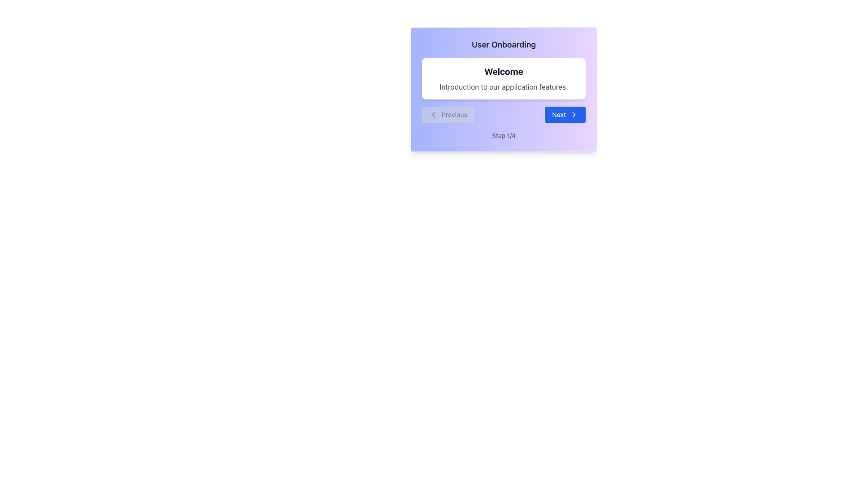 This screenshot has width=861, height=484. What do you see at coordinates (504, 78) in the screenshot?
I see `the informational text box that contains bold black text reading 'Welcome' and smaller gray text saying 'Introduction to our application features.'` at bounding box center [504, 78].